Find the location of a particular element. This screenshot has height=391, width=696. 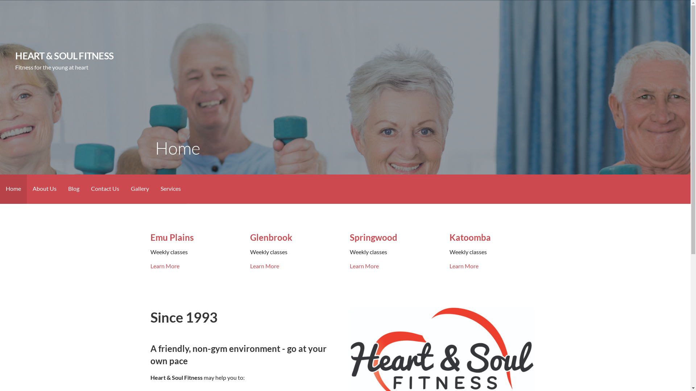

'Learn More' is located at coordinates (165, 266).